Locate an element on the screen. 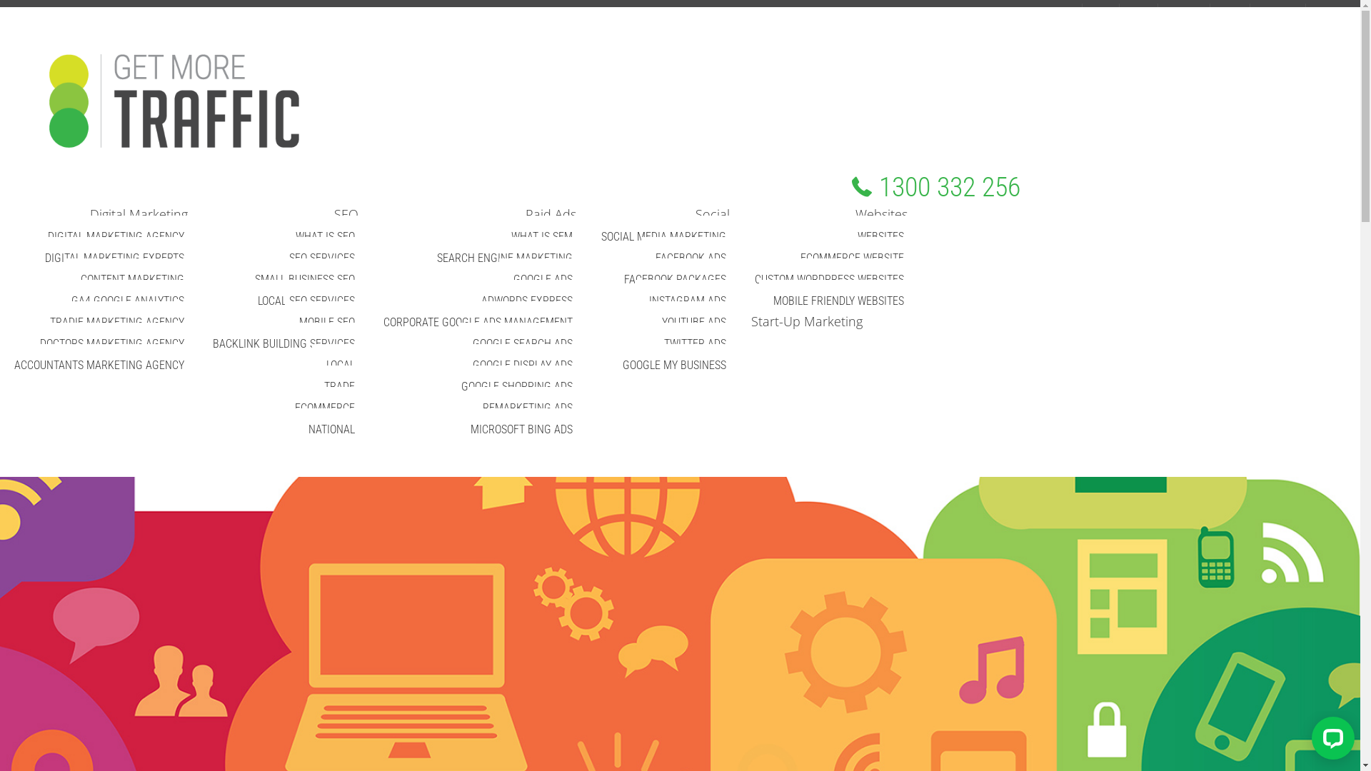  'GOOGLE DISPLAY ADS' is located at coordinates (521, 364).